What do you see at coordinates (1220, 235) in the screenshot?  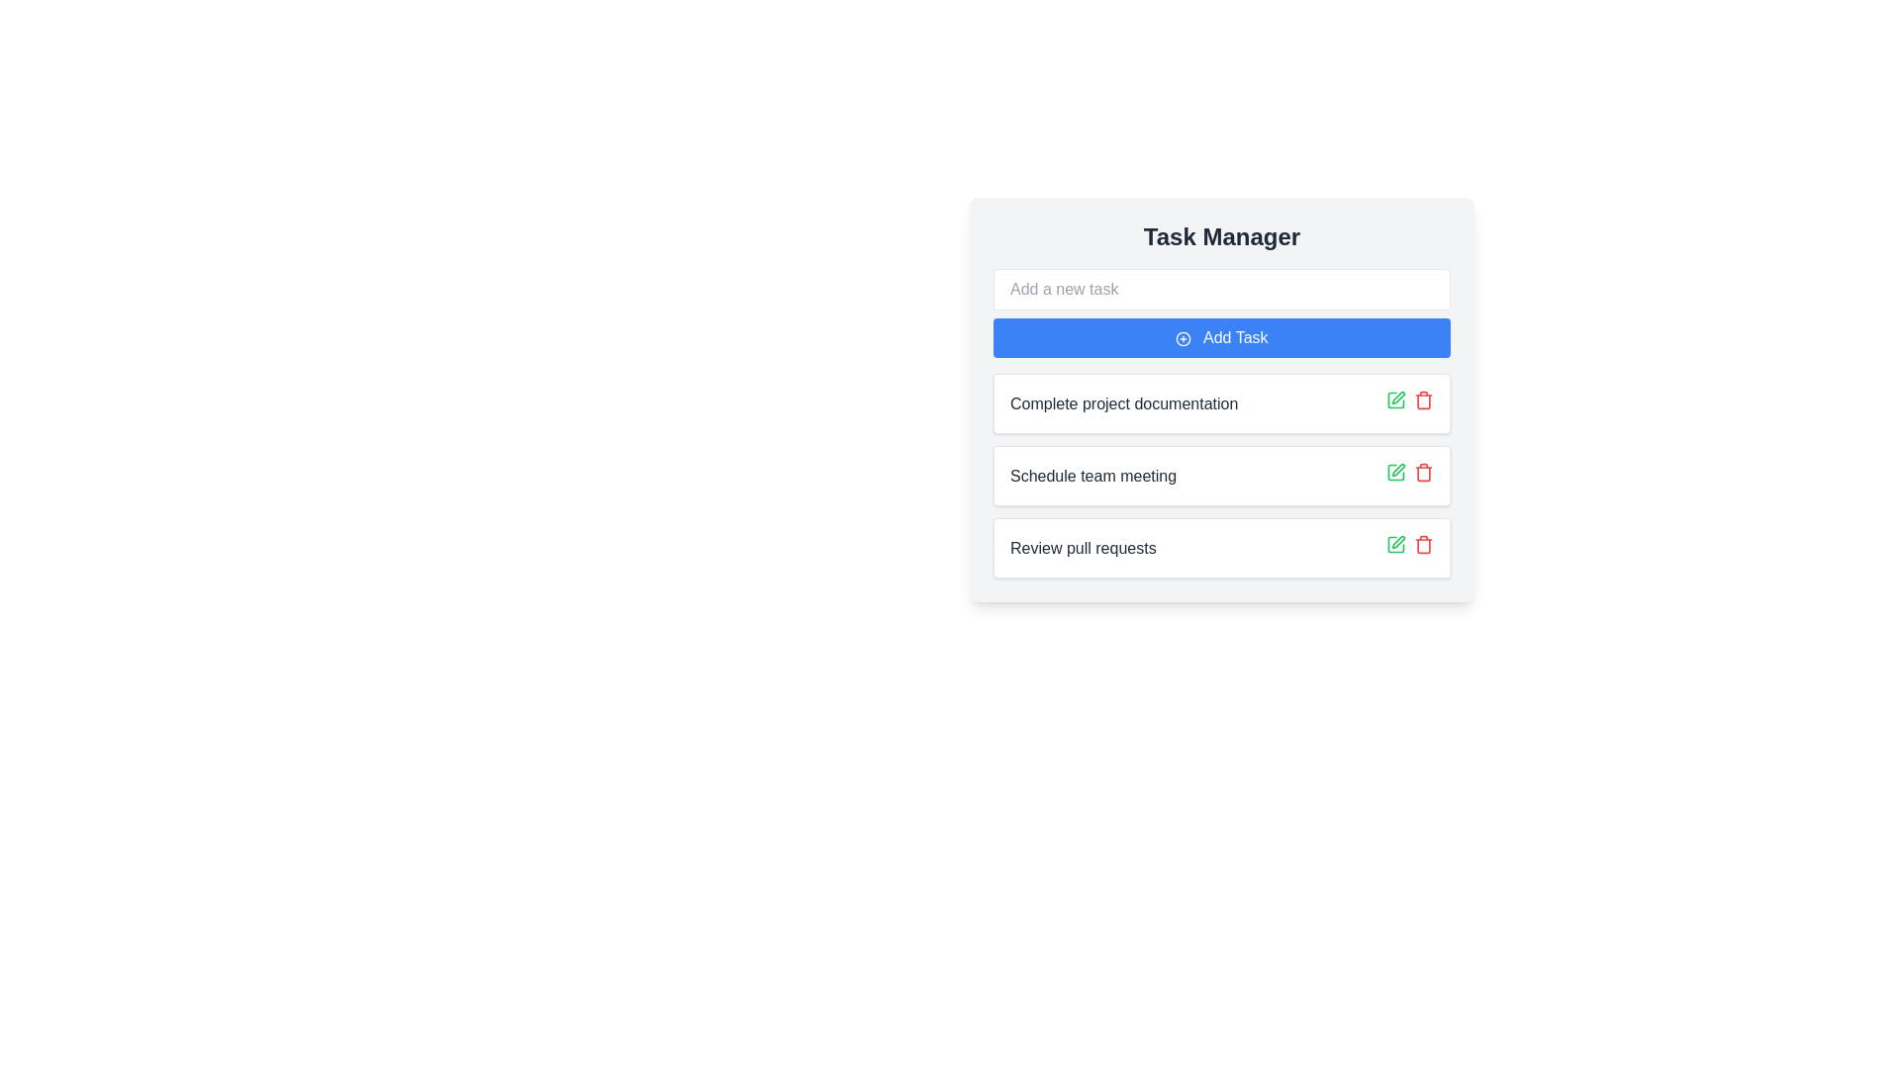 I see `the header text reading 'Task Manager', which is styled with bold, extra-large font and colored dark gray, located at the top of the task management component` at bounding box center [1220, 235].